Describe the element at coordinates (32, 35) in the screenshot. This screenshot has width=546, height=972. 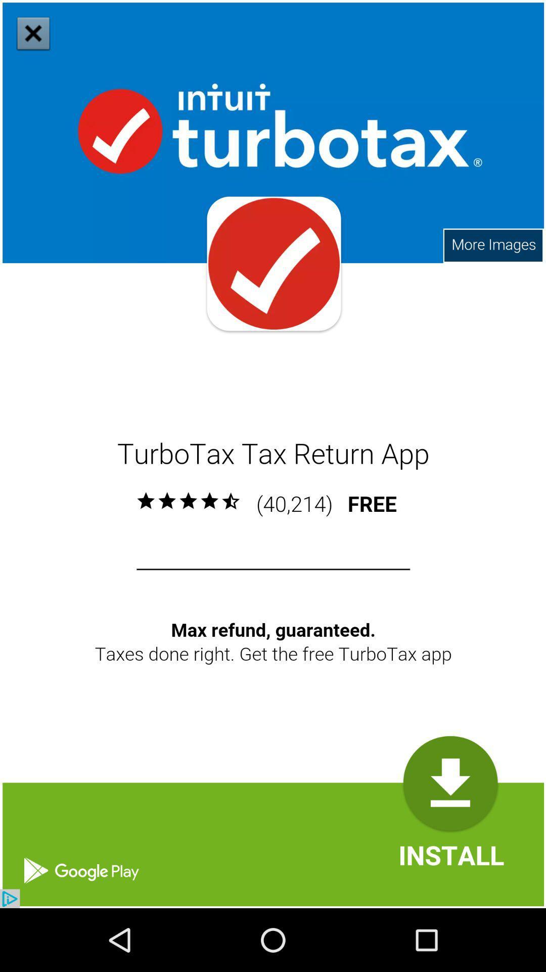
I see `the close icon` at that location.